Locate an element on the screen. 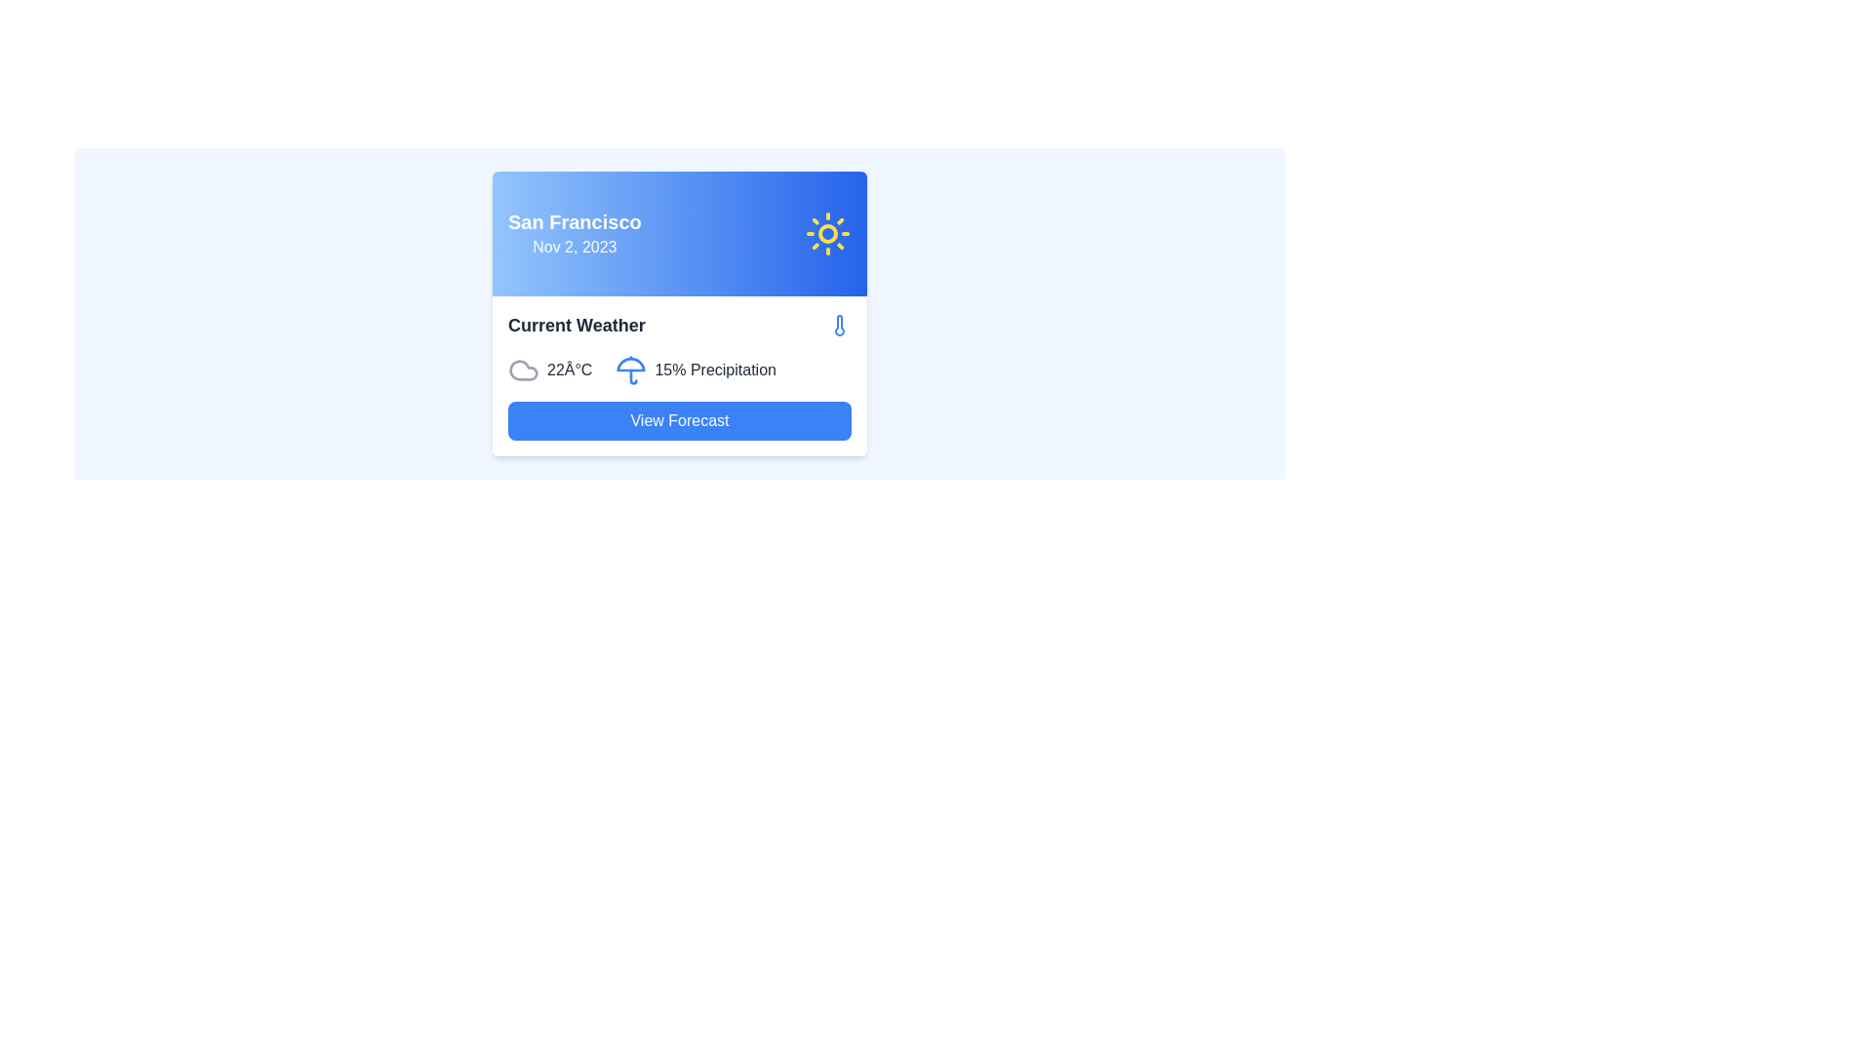 Image resolution: width=1873 pixels, height=1053 pixels. displayed temperature from the Text with Icon element located in the top-left section of the weather card interface, under the 'Current Weather' heading is located at coordinates (549, 370).